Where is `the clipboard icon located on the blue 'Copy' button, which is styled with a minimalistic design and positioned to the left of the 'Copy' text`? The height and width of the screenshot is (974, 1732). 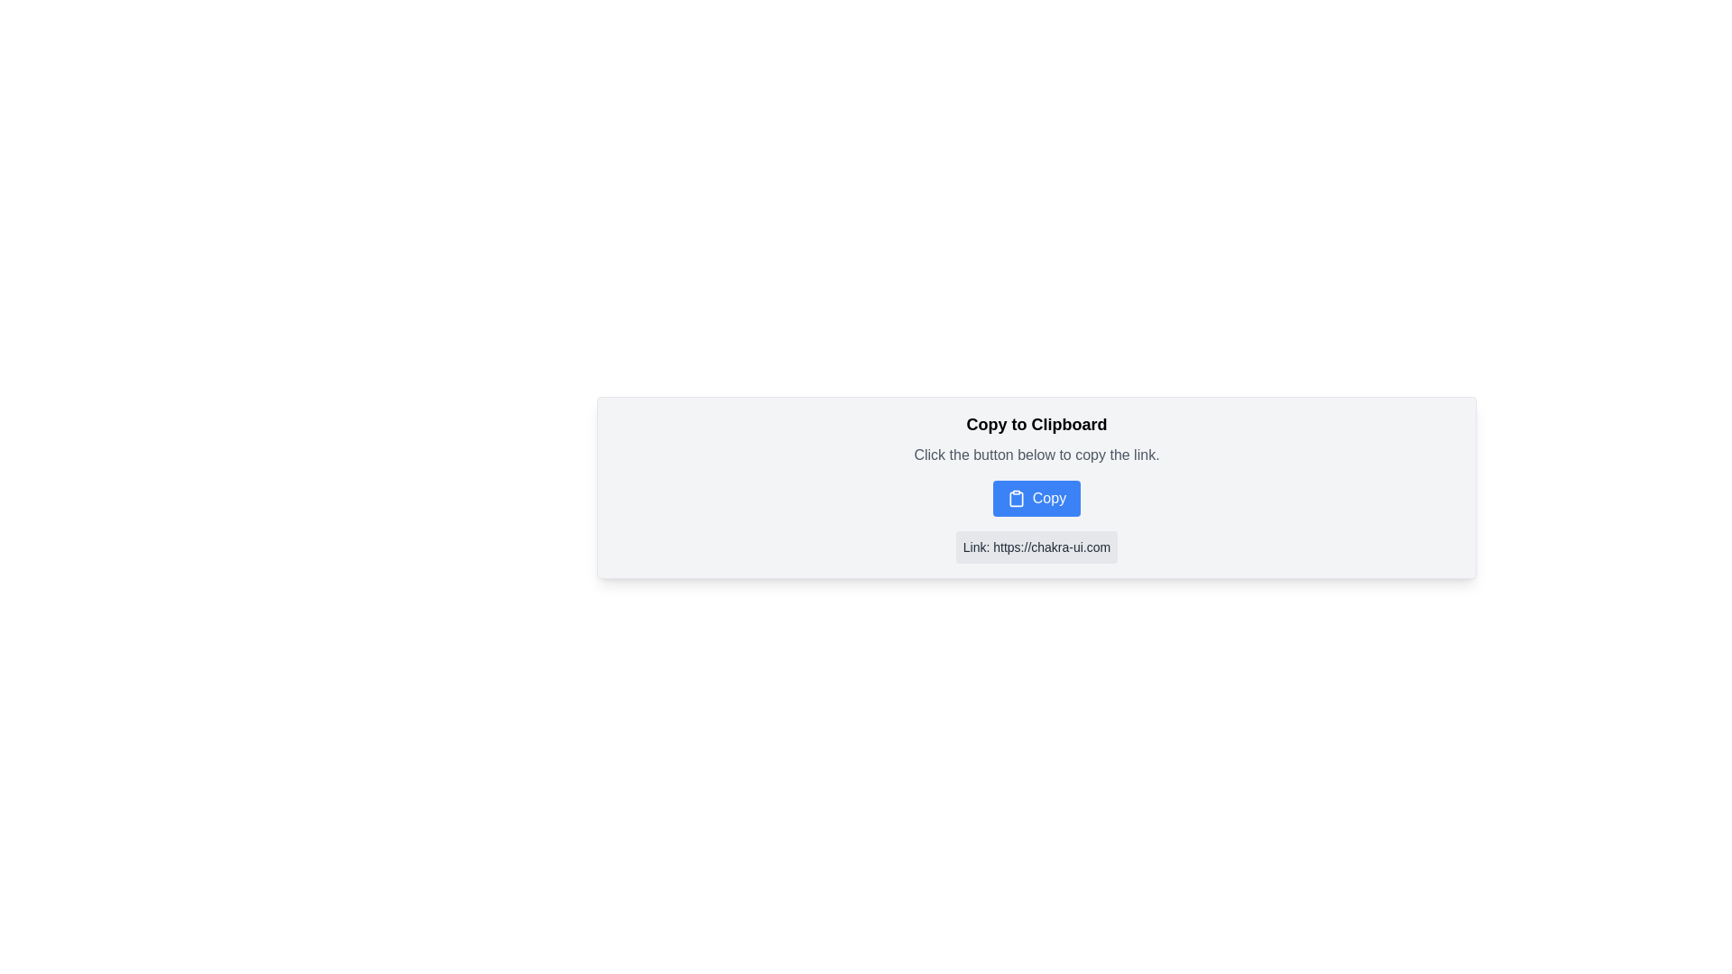
the clipboard icon located on the blue 'Copy' button, which is styled with a minimalistic design and positioned to the left of the 'Copy' text is located at coordinates (1016, 498).